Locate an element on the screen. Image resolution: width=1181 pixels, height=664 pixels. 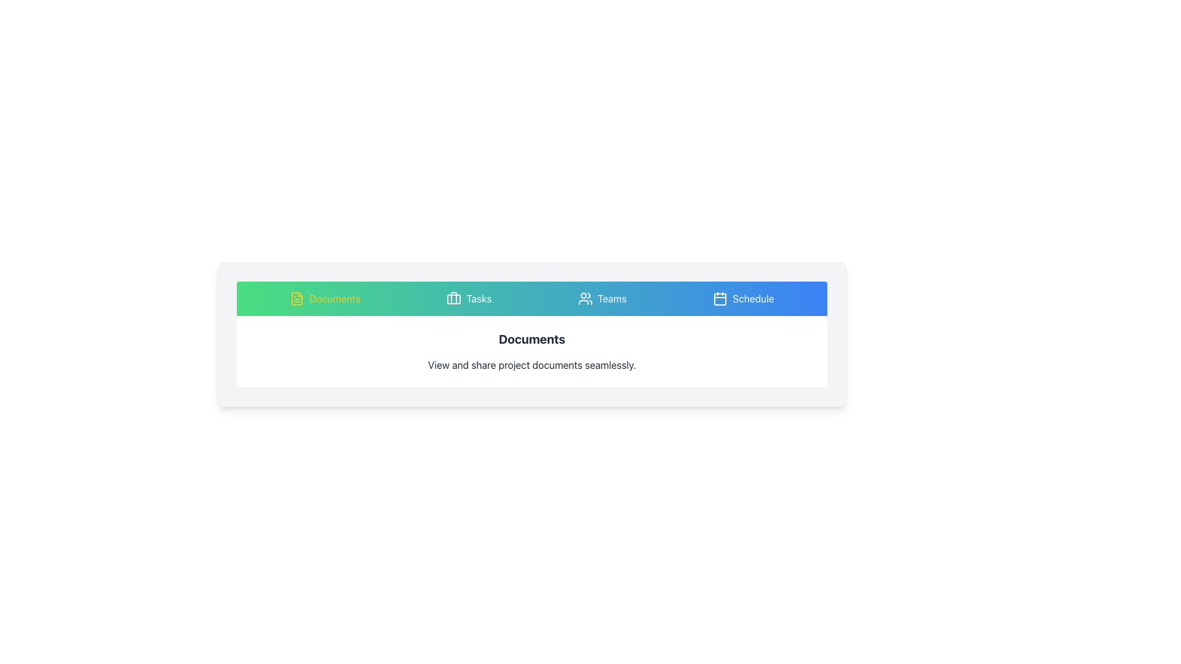
the 'Teams' icon, which is a 24x24 white icon of two stylized human figures on a blue background located in the top horizontal navigation bar is located at coordinates (584, 299).